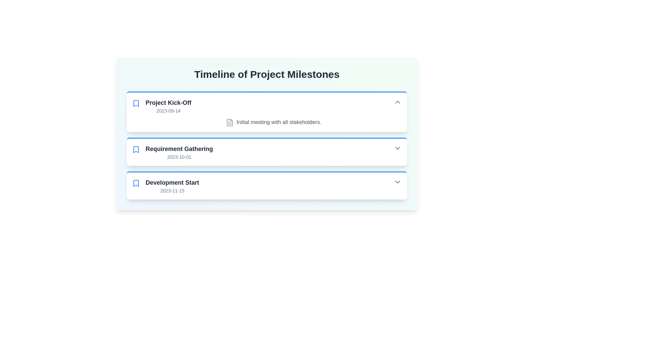  Describe the element at coordinates (229, 122) in the screenshot. I see `the icon adjacent to the text 'Initial meeting with all stakeholders.'` at that location.